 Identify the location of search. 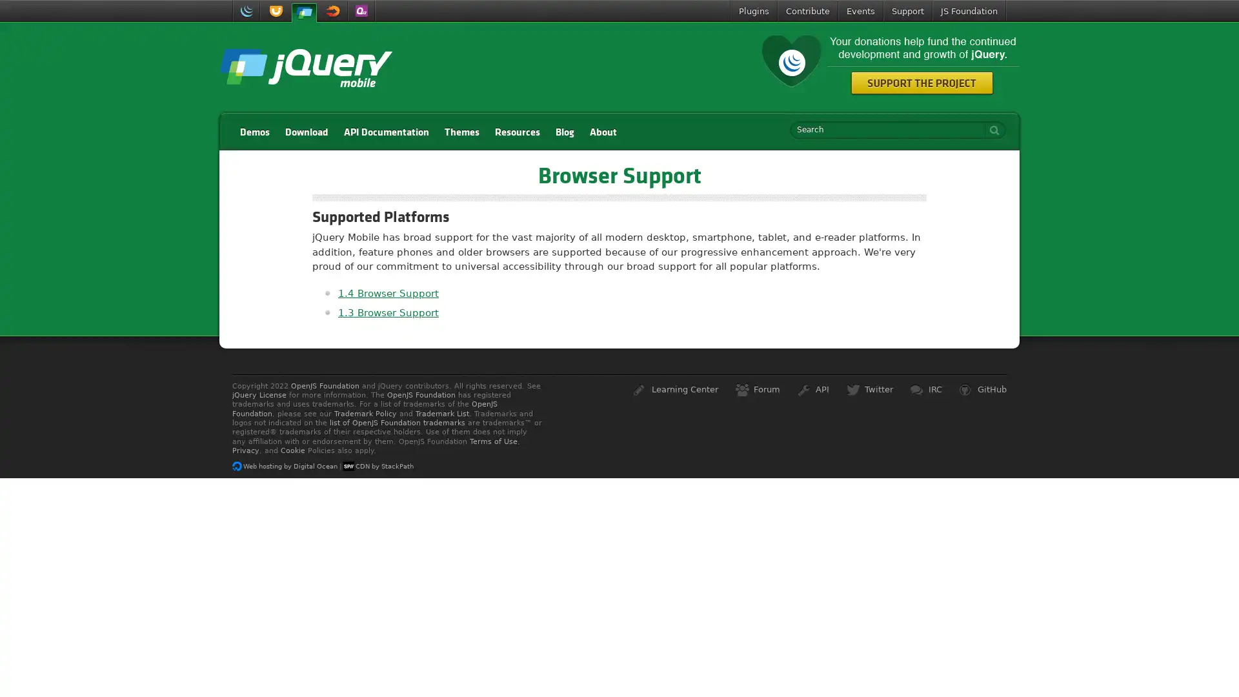
(991, 130).